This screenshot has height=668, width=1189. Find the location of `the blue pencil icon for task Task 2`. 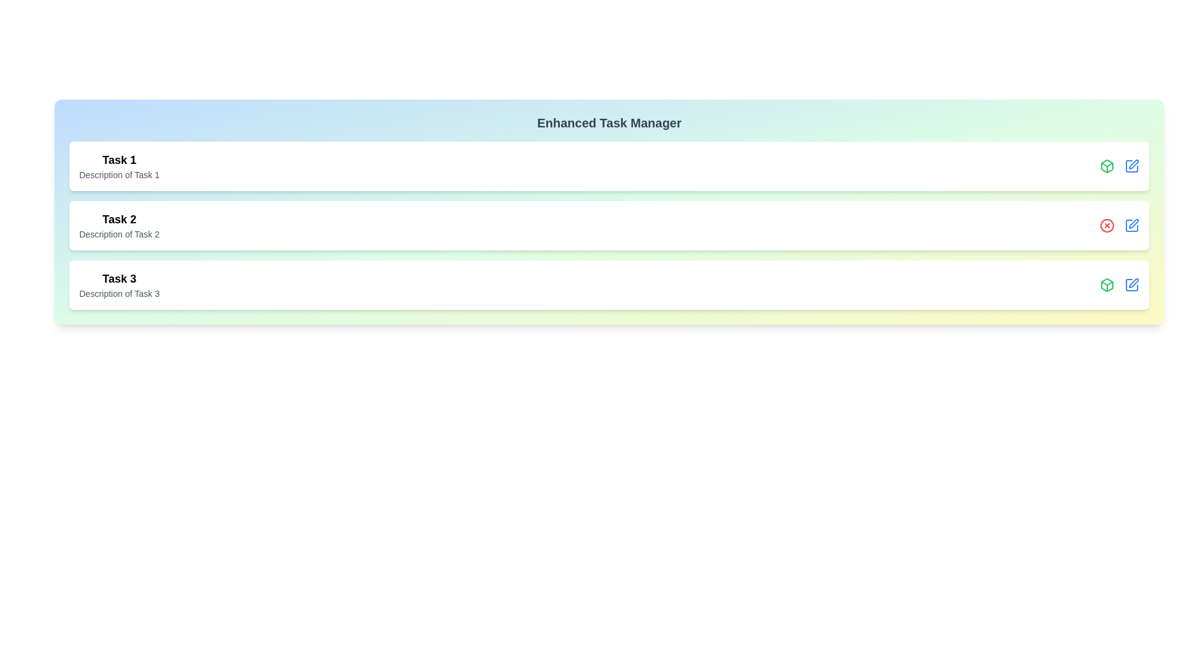

the blue pencil icon for task Task 2 is located at coordinates (1132, 226).